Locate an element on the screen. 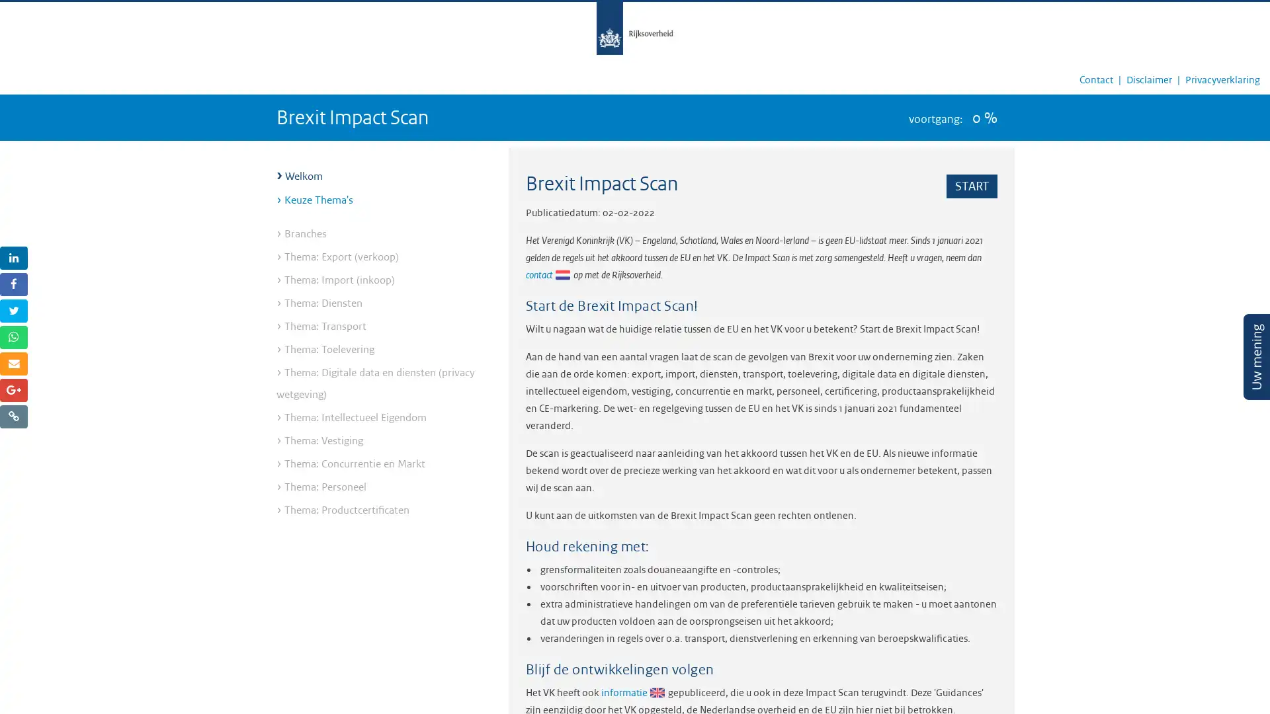 The width and height of the screenshot is (1270, 714). Thema: Diensten is located at coordinates (380, 303).